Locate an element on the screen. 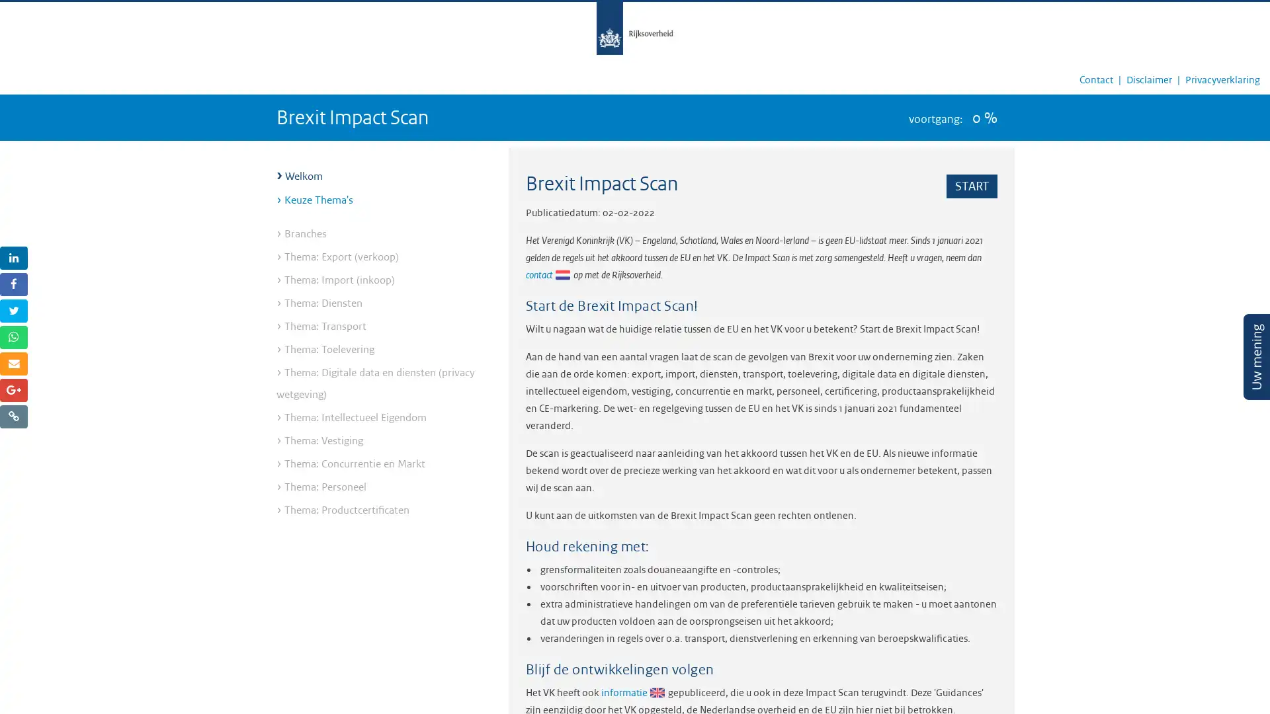 The width and height of the screenshot is (1270, 714). Thema: Diensten is located at coordinates (380, 303).